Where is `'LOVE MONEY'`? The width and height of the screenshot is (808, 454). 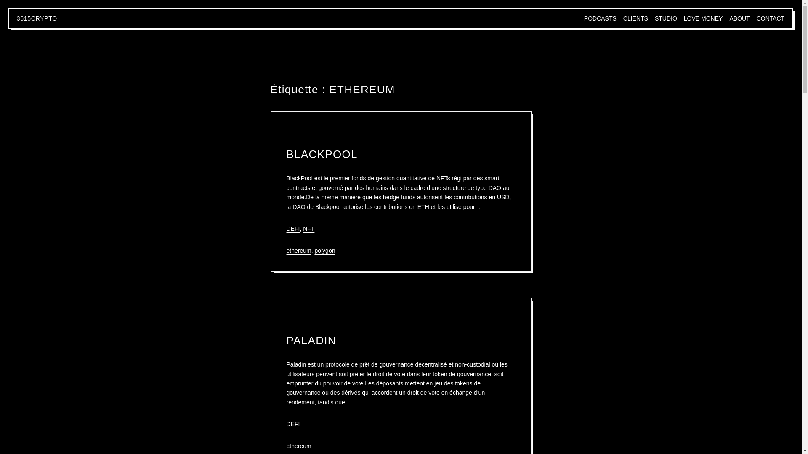 'LOVE MONEY' is located at coordinates (684, 18).